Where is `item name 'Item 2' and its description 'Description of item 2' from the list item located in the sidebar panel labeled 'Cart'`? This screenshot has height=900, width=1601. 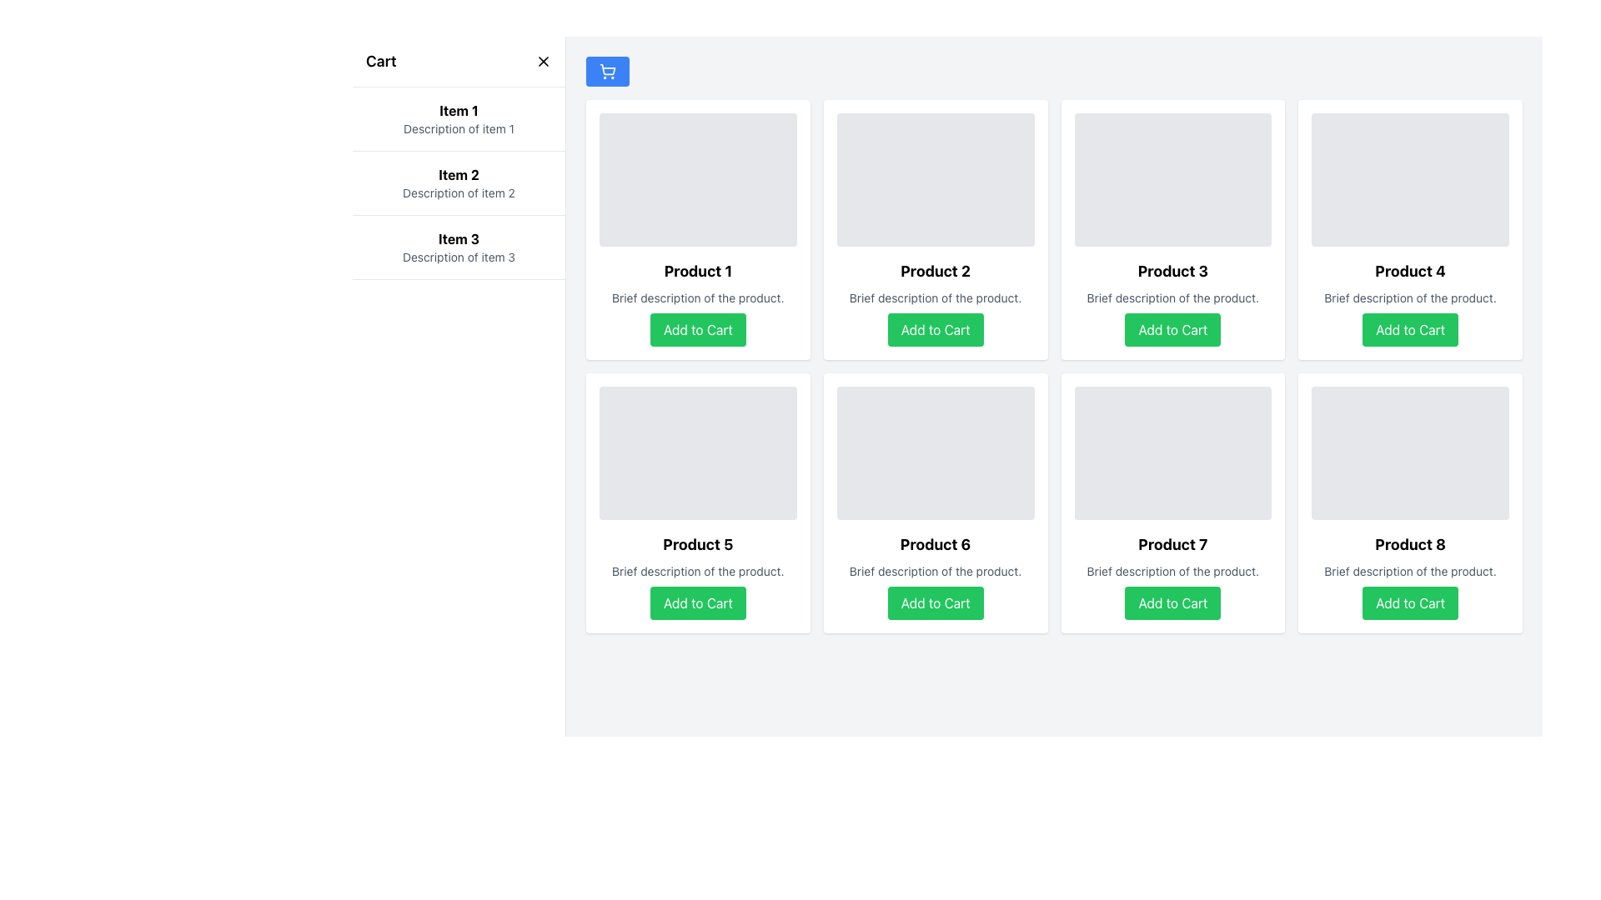 item name 'Item 2' and its description 'Description of item 2' from the list item located in the sidebar panel labeled 'Cart' is located at coordinates (459, 183).